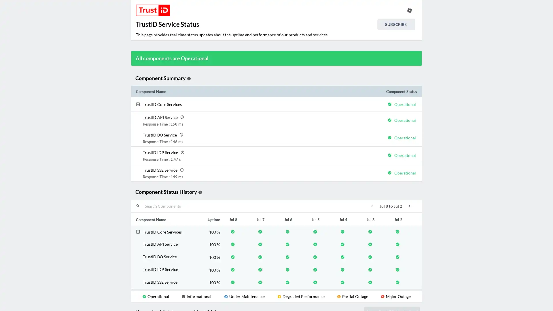 The width and height of the screenshot is (553, 311). Describe the element at coordinates (169, 232) in the screenshot. I see `TrustID Core Services` at that location.